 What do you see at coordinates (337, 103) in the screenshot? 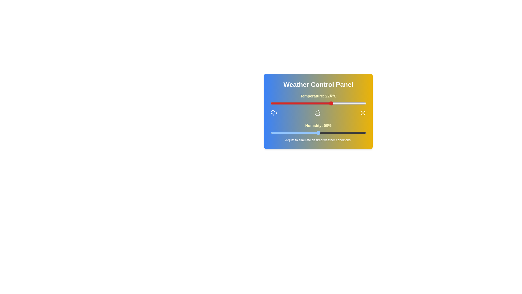
I see `the temperature` at bounding box center [337, 103].